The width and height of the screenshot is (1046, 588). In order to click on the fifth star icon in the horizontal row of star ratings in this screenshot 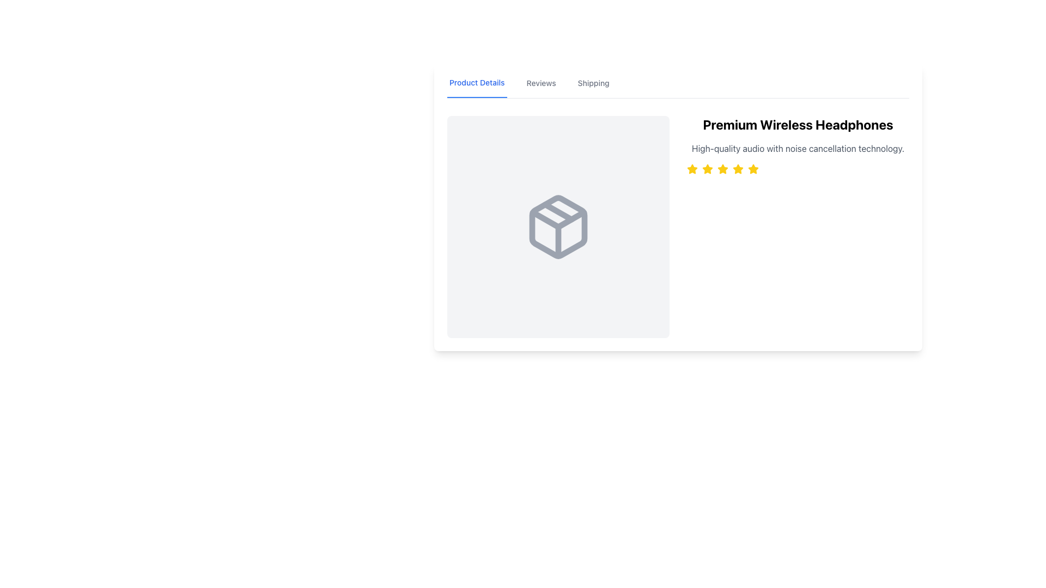, I will do `click(752, 168)`.